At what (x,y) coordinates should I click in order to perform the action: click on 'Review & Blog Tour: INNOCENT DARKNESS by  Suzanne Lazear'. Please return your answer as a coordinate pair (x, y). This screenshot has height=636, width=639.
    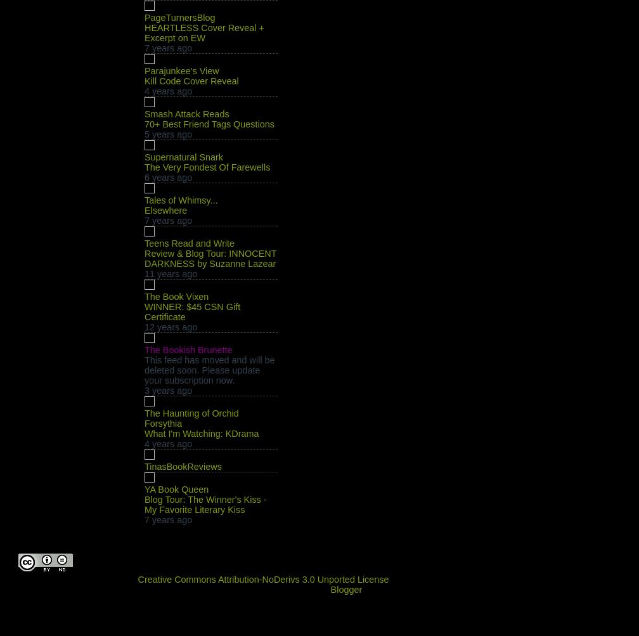
    Looking at the image, I should click on (210, 259).